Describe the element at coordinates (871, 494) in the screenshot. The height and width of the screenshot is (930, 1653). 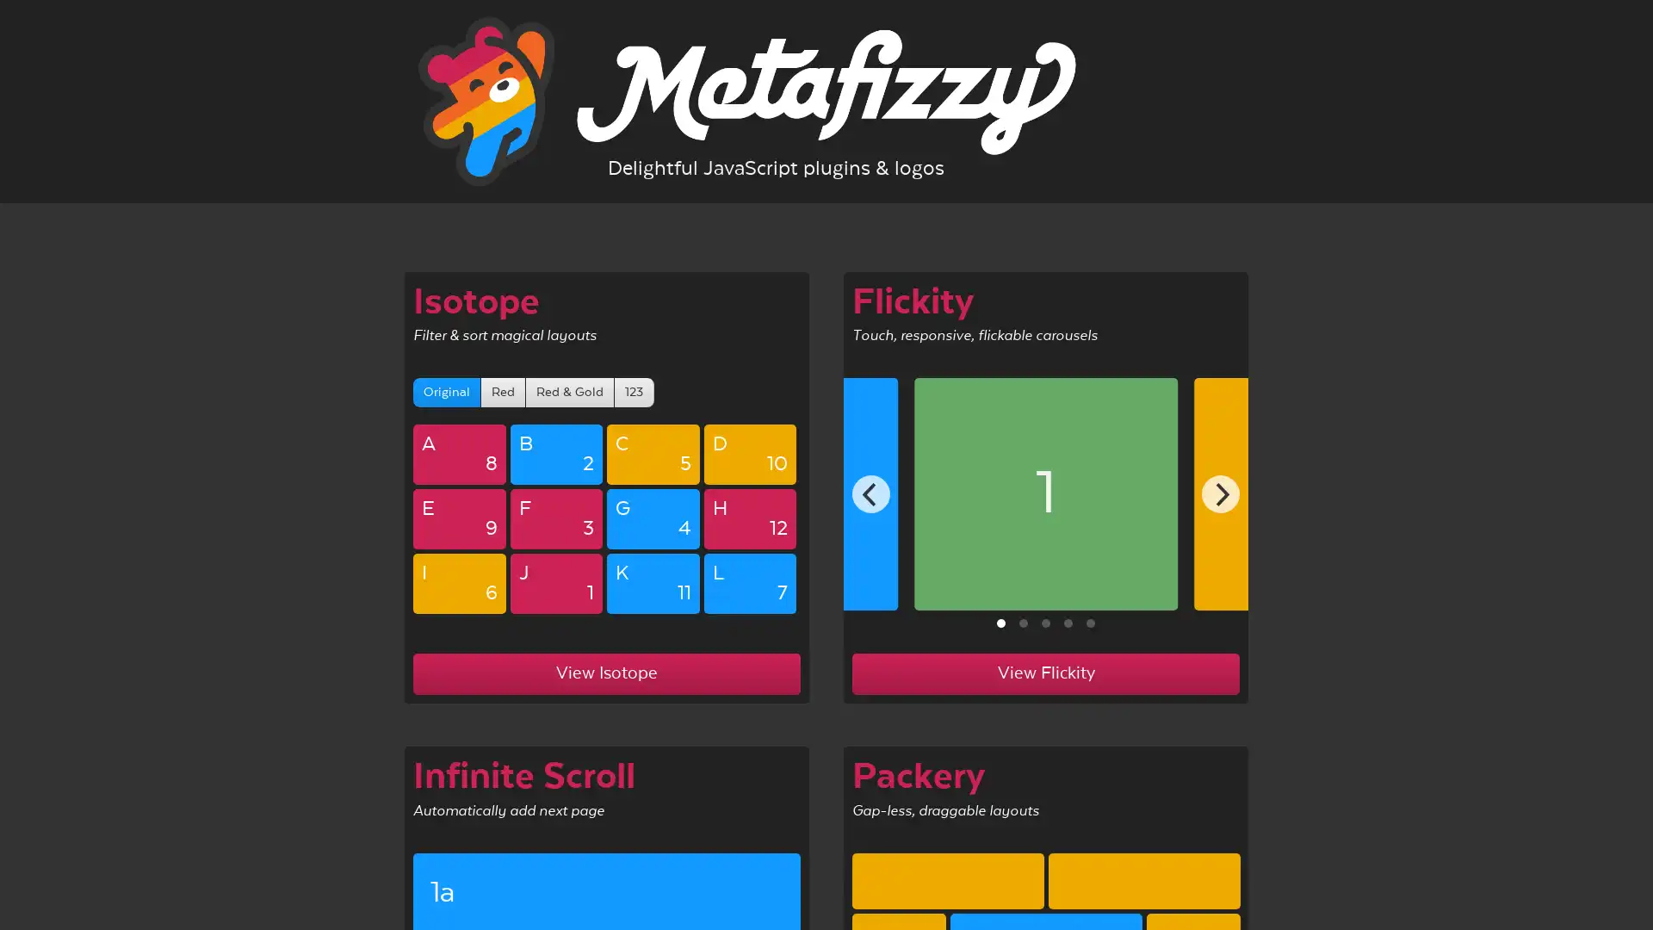
I see `Previous` at that location.